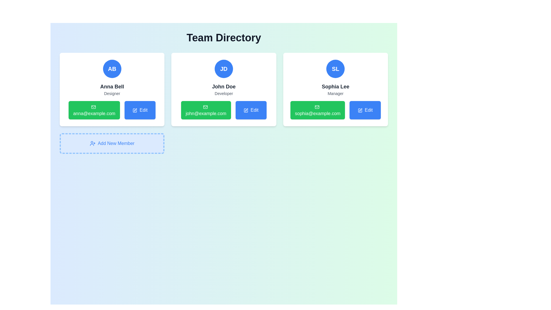 The width and height of the screenshot is (551, 310). What do you see at coordinates (223, 110) in the screenshot?
I see `the contact button located under the 'John Doe' name in the 'Team Directory' section` at bounding box center [223, 110].